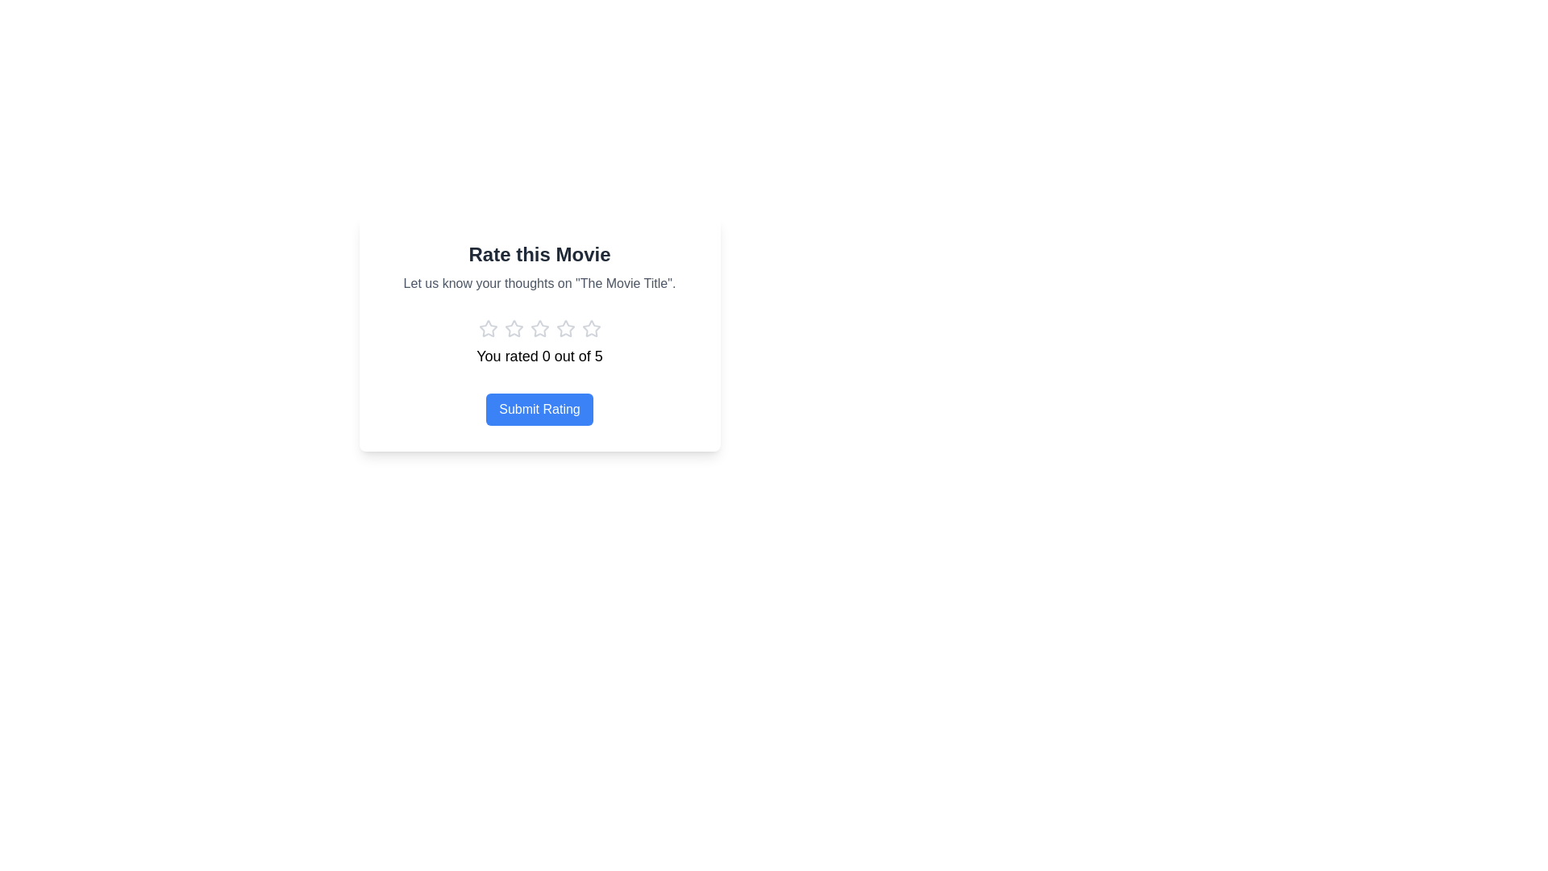 Image resolution: width=1548 pixels, height=871 pixels. Describe the element at coordinates (539, 356) in the screenshot. I see `the text label displaying 'You rated 0 out of 5' which is located beneath the star rating icons and above the 'Submit Rating' button` at that location.